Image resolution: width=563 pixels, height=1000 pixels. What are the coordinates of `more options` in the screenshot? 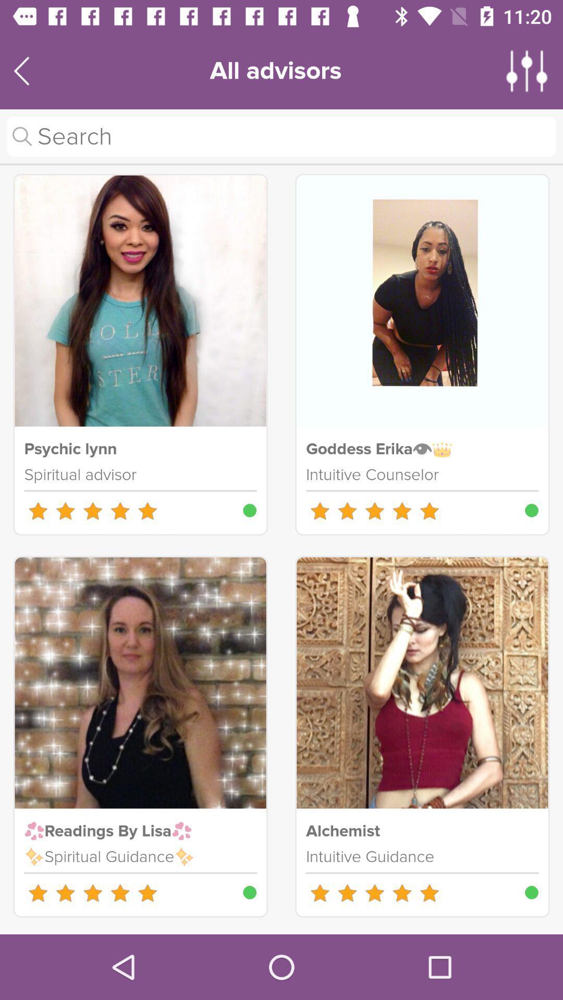 It's located at (527, 70).